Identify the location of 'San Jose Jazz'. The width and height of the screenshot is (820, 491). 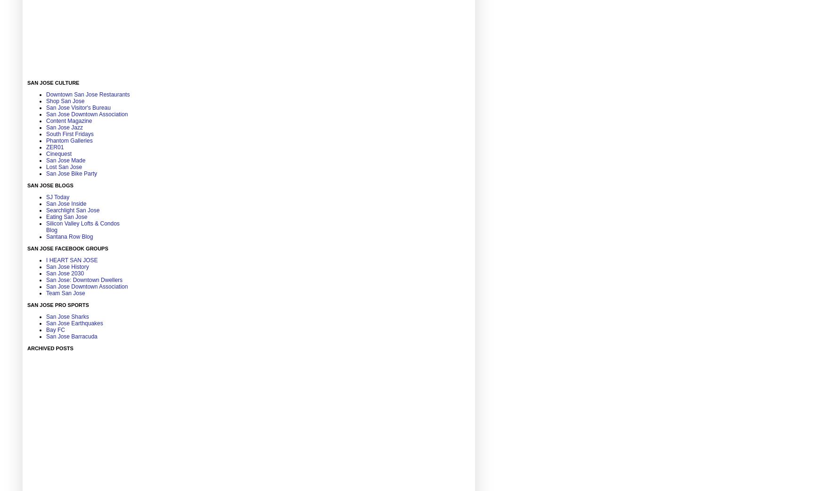
(45, 127).